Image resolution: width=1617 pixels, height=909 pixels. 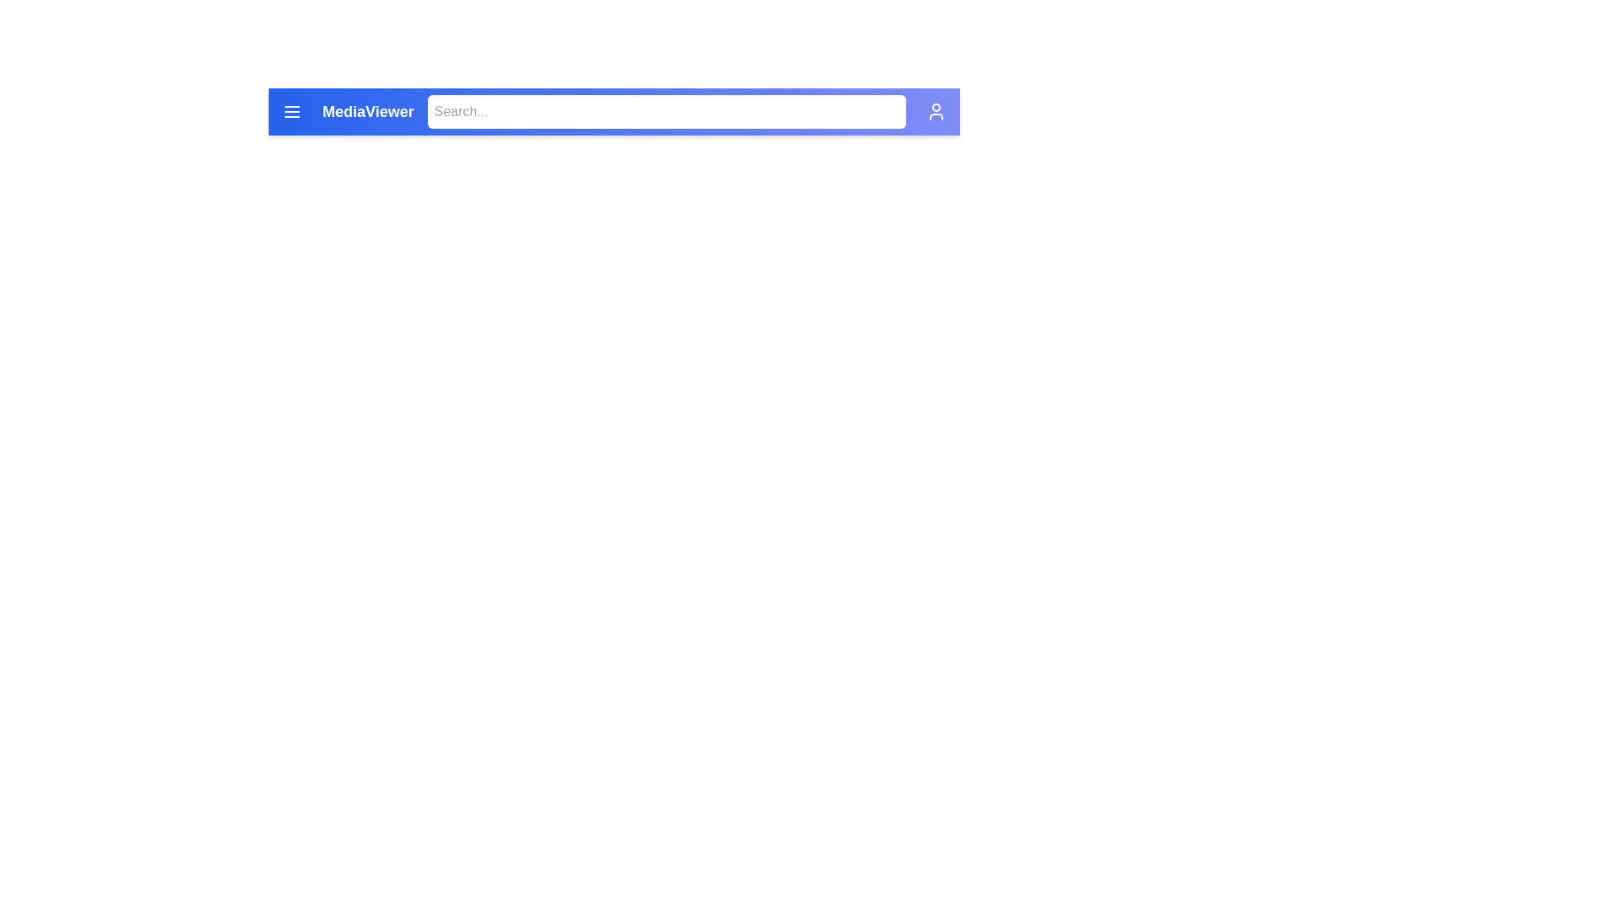 What do you see at coordinates (291, 111) in the screenshot?
I see `the menu toggle button located at the leftmost part of the horizontal navigation bar` at bounding box center [291, 111].